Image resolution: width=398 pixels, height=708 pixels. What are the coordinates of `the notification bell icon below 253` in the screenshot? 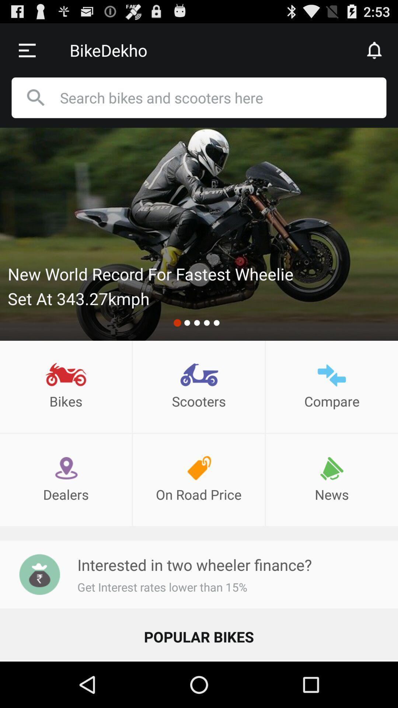 It's located at (375, 50).